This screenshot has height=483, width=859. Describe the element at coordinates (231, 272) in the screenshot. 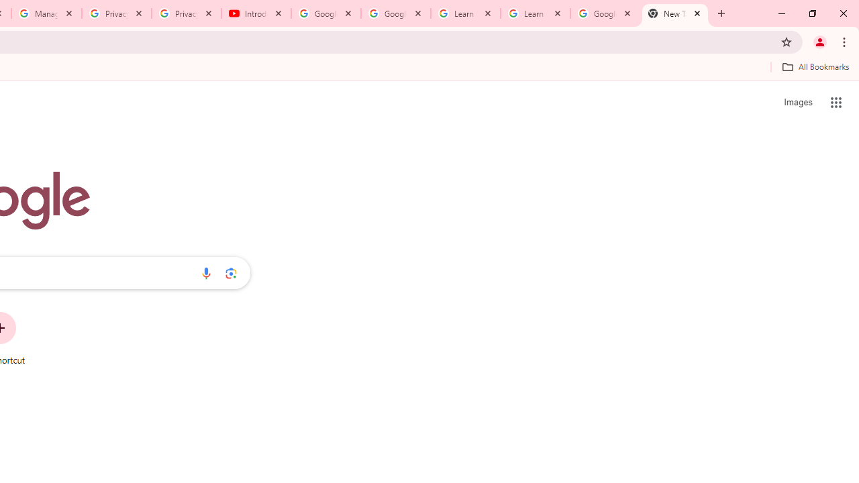

I see `'Search by image'` at that location.